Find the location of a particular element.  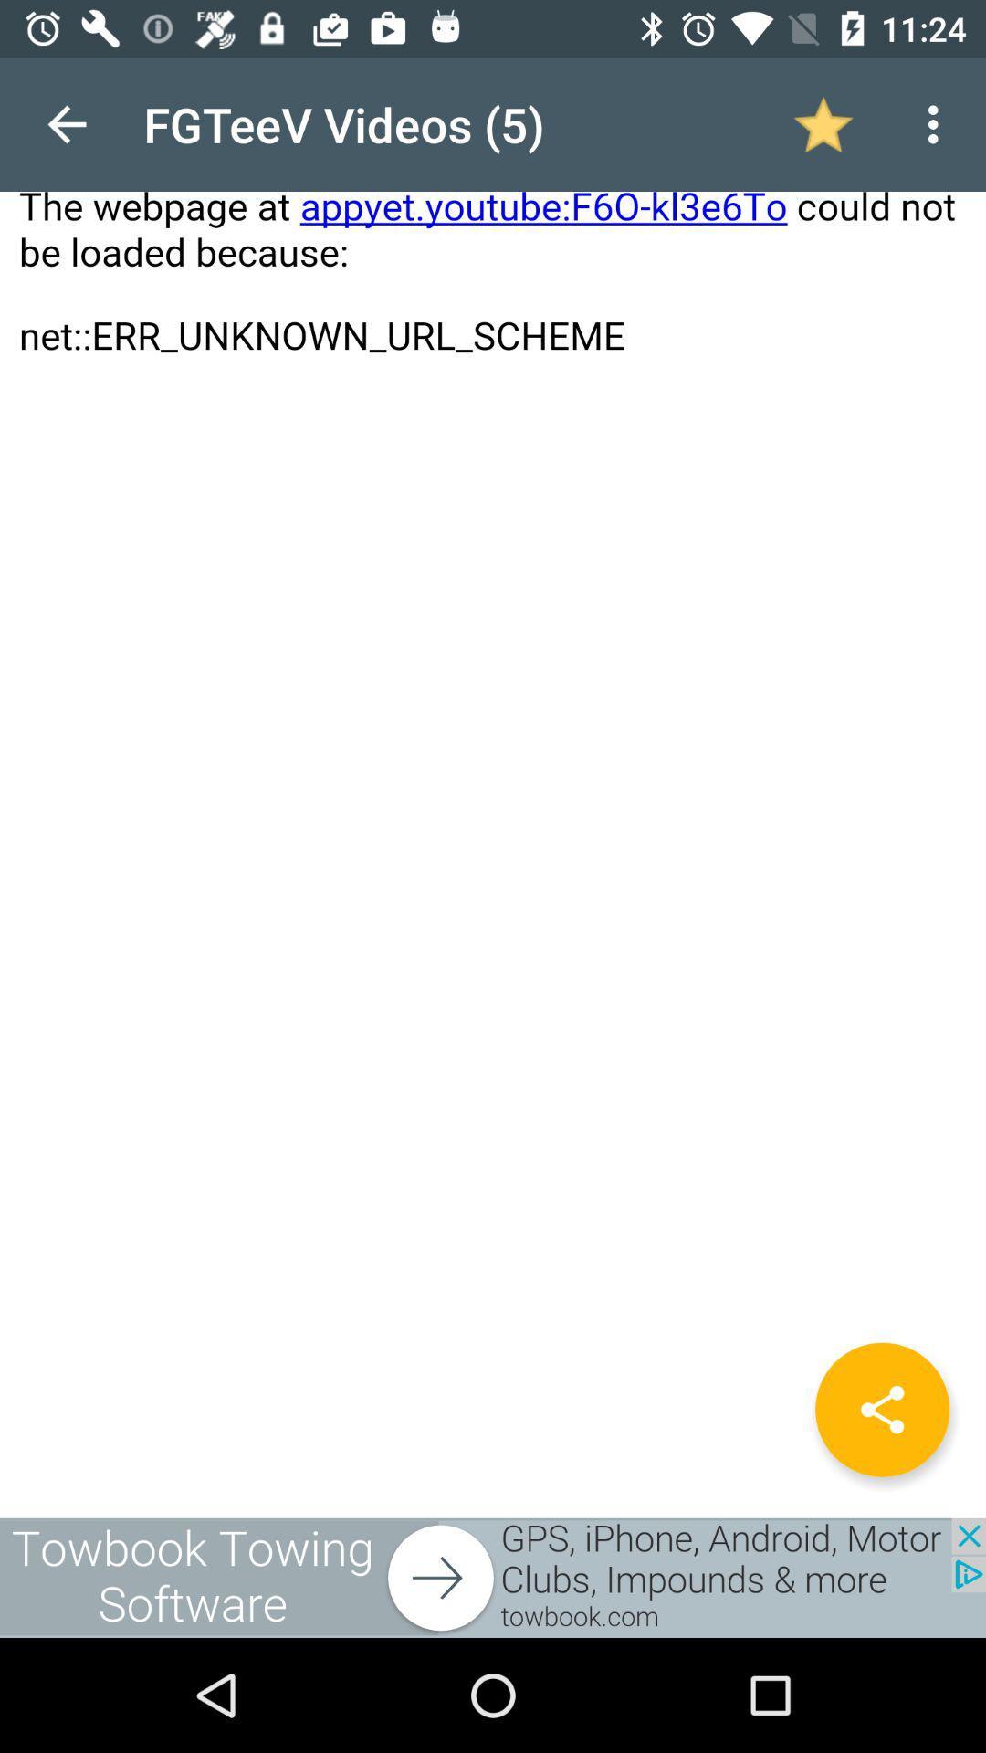

network is located at coordinates (881, 1409).